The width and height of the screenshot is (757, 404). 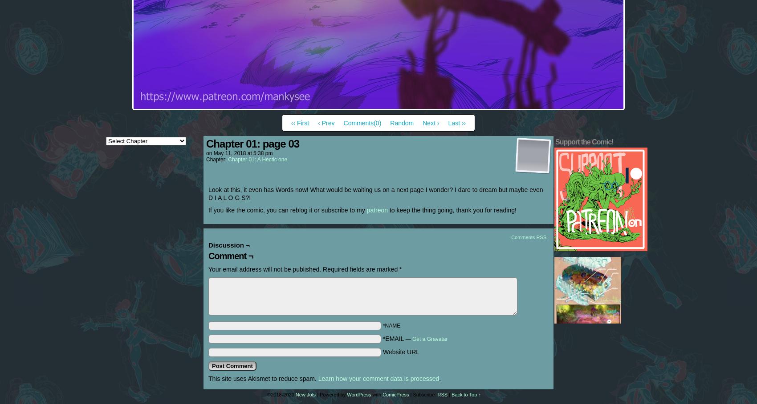 What do you see at coordinates (362, 123) in the screenshot?
I see `'Comments(0)'` at bounding box center [362, 123].